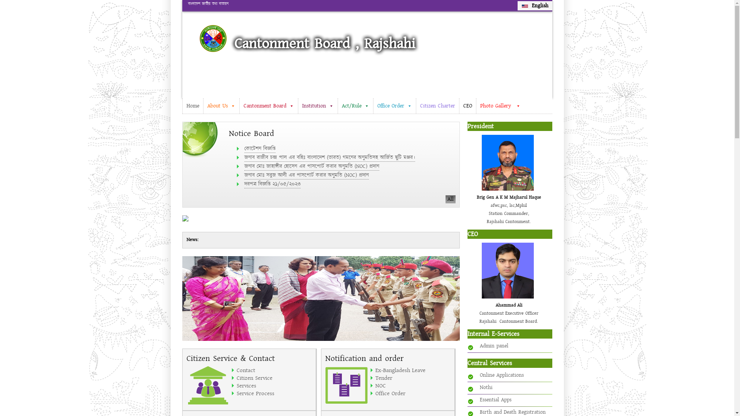  I want to click on 'About Us', so click(220, 106).